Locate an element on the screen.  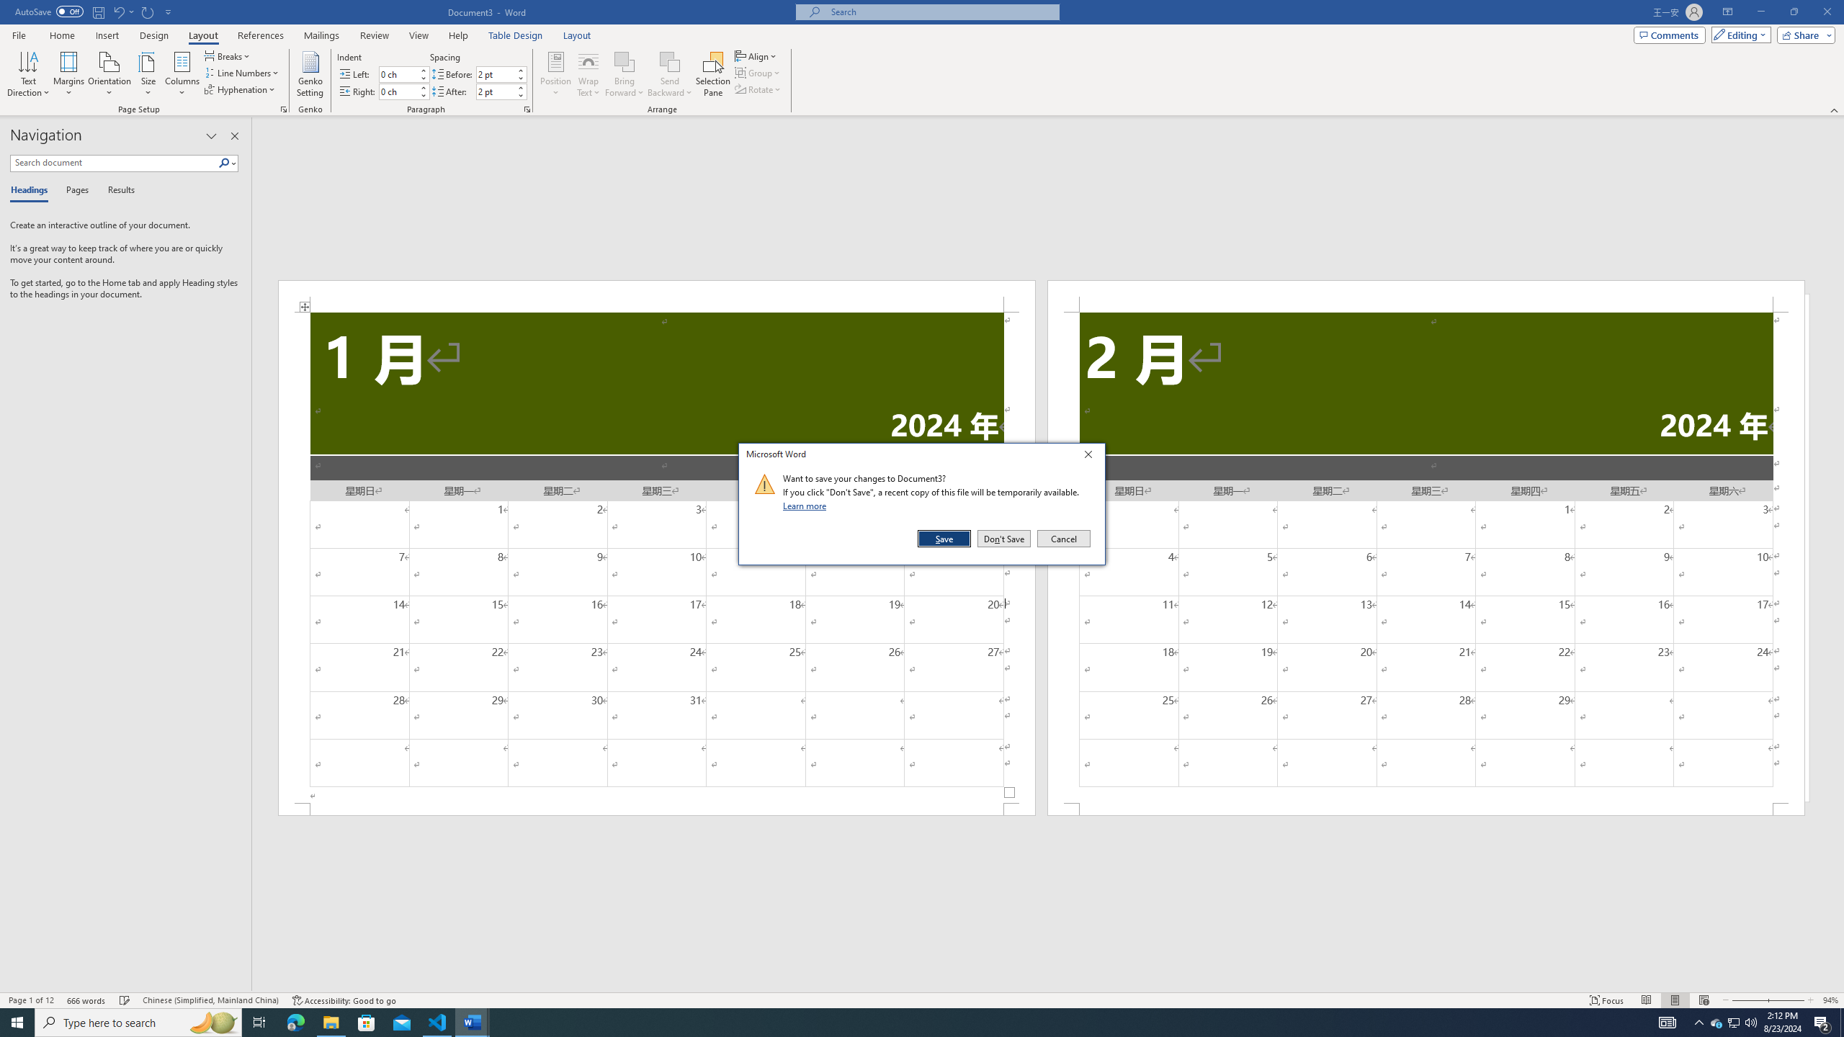
'Footer -Section 2-' is located at coordinates (1426, 808).